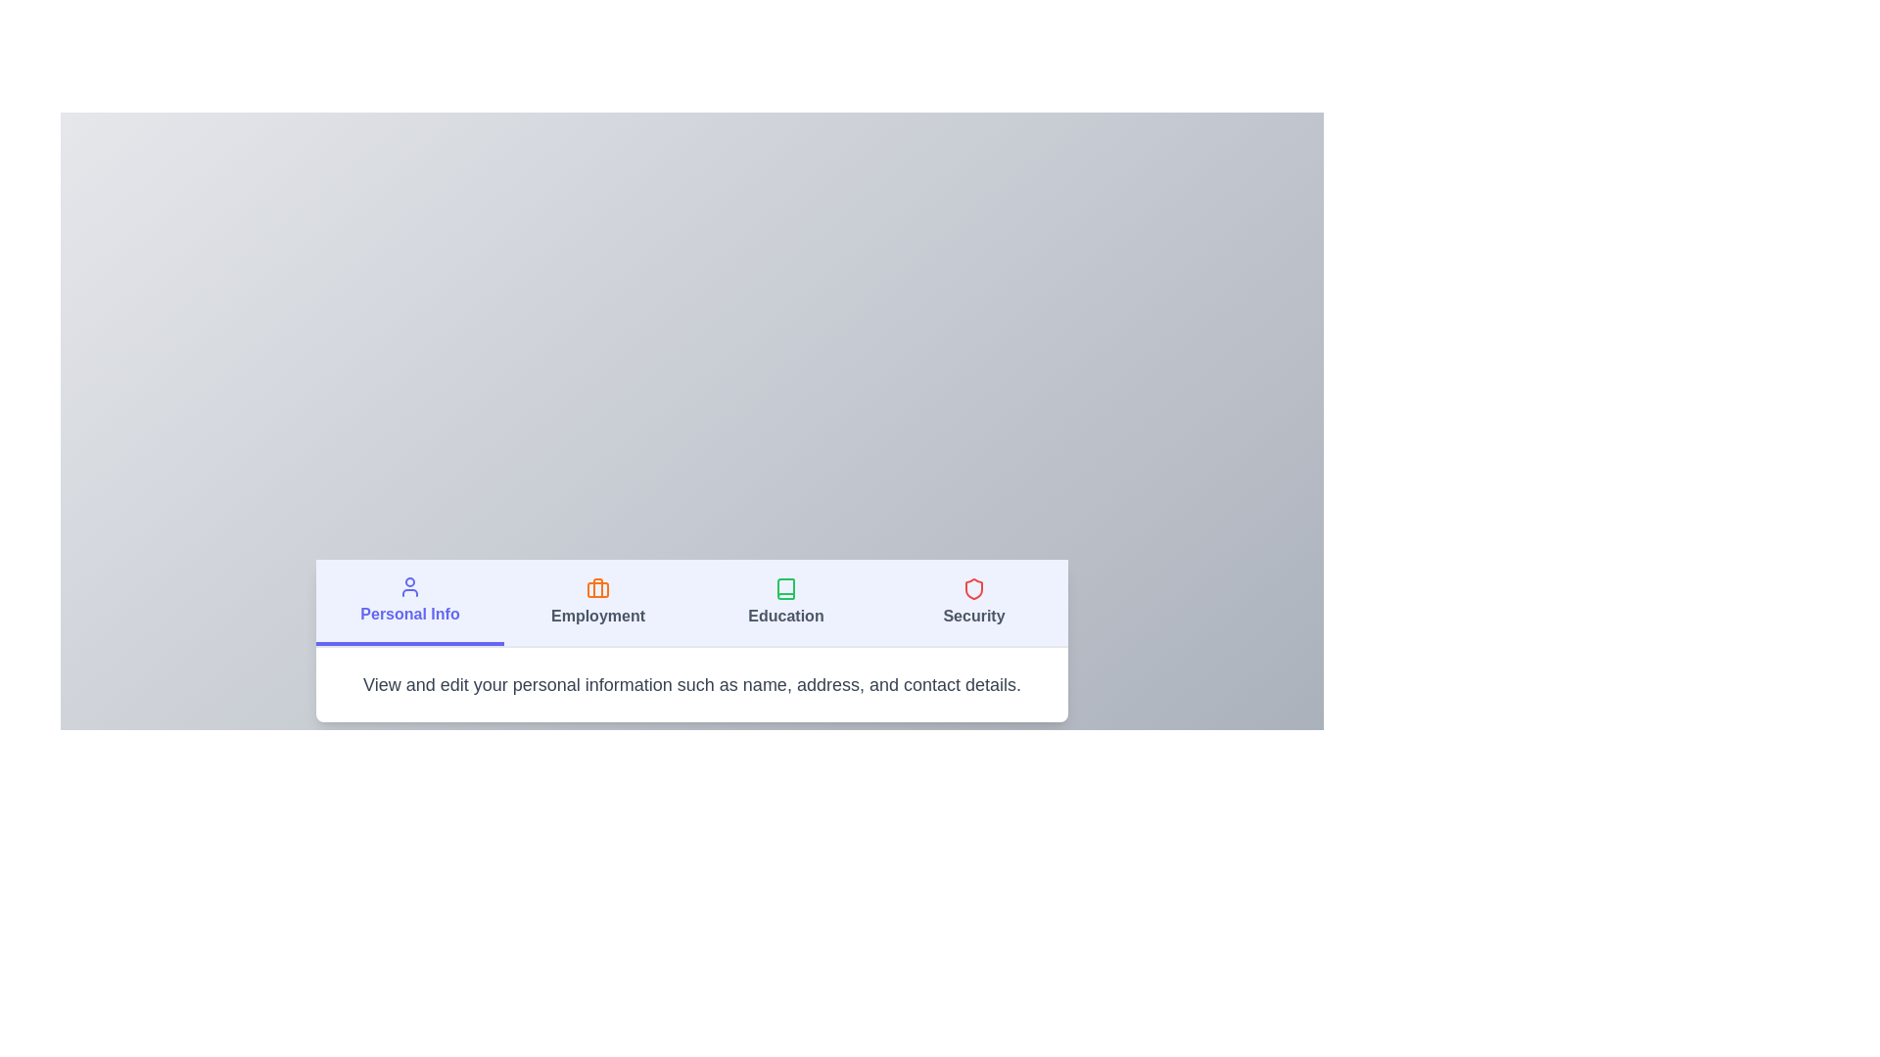 This screenshot has height=1057, width=1880. What do you see at coordinates (973, 602) in the screenshot?
I see `the Security tab to view its content` at bounding box center [973, 602].